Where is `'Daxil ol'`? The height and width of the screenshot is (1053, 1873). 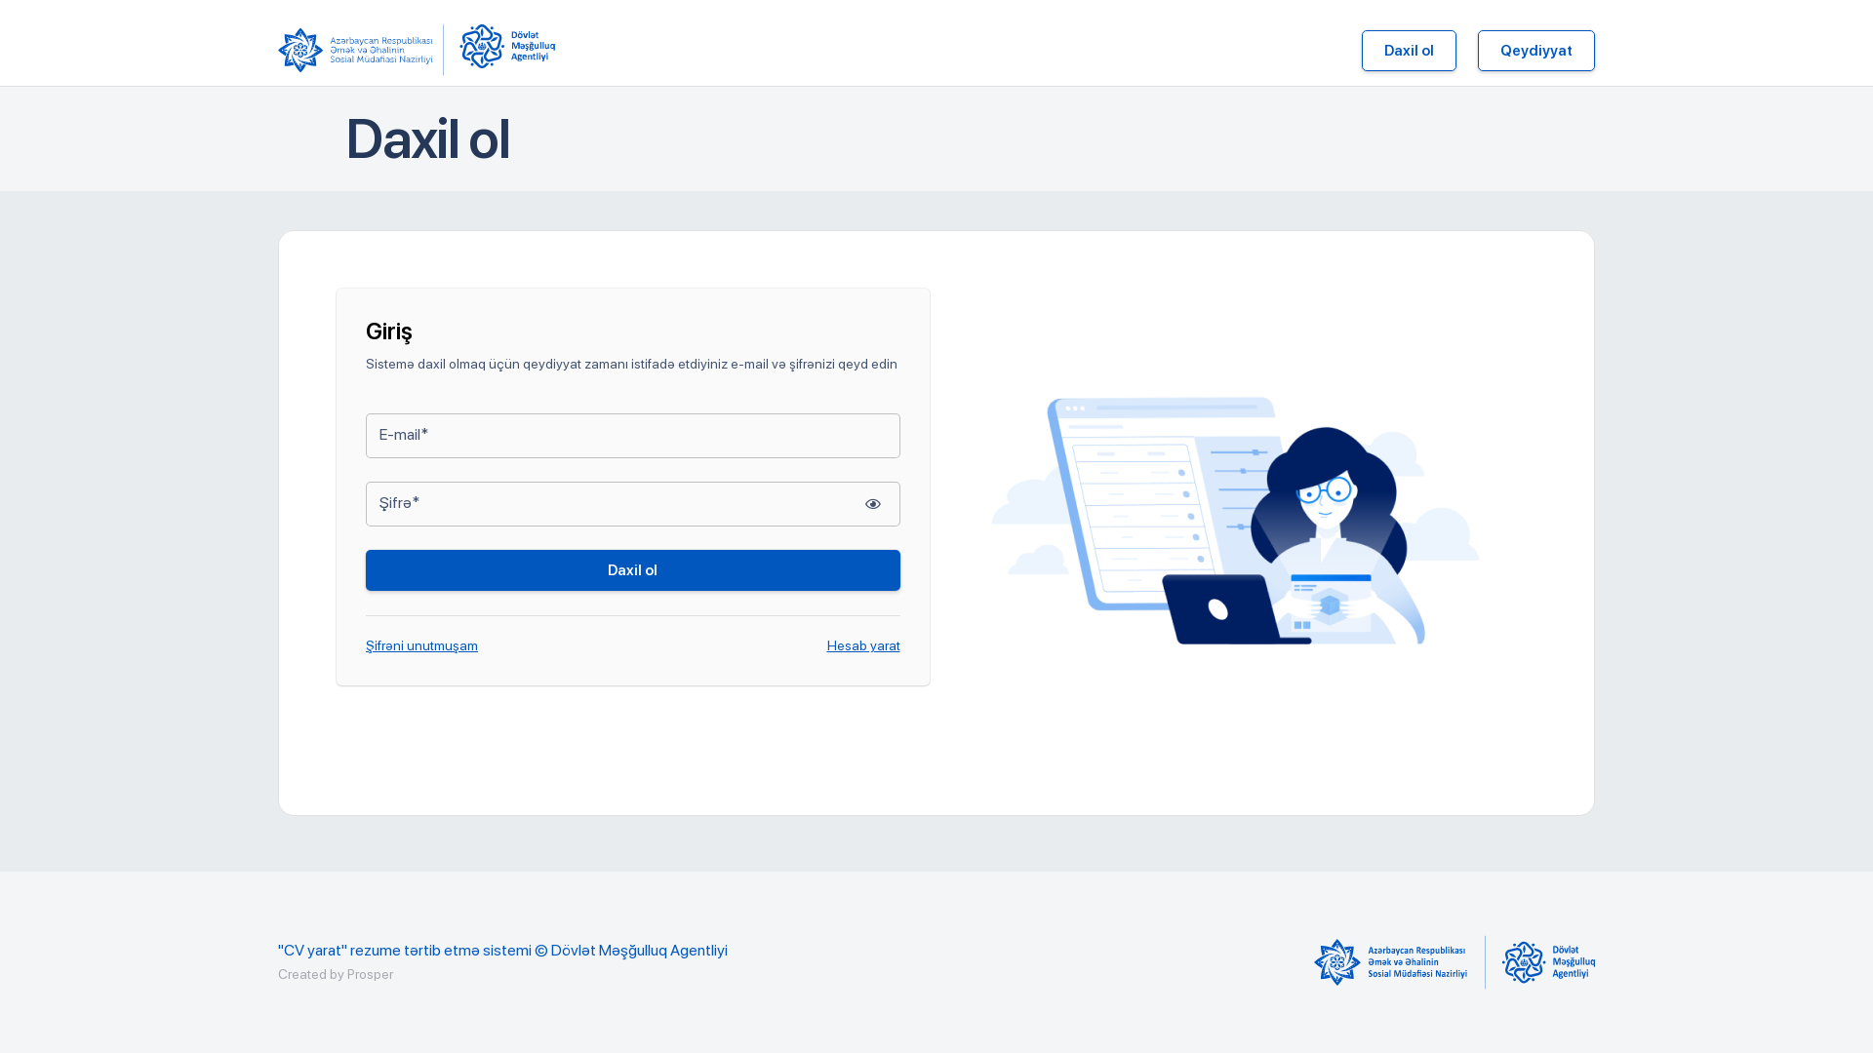 'Daxil ol' is located at coordinates (1361, 49).